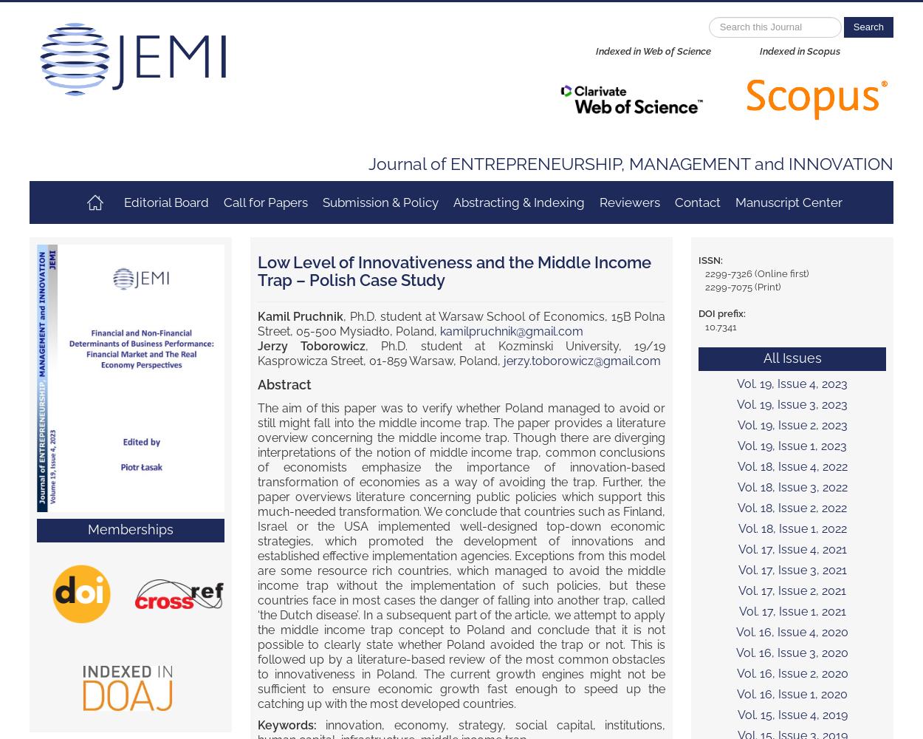 The width and height of the screenshot is (923, 739). I want to click on 'Vol. 19, Issue 3, 2023', so click(792, 404).